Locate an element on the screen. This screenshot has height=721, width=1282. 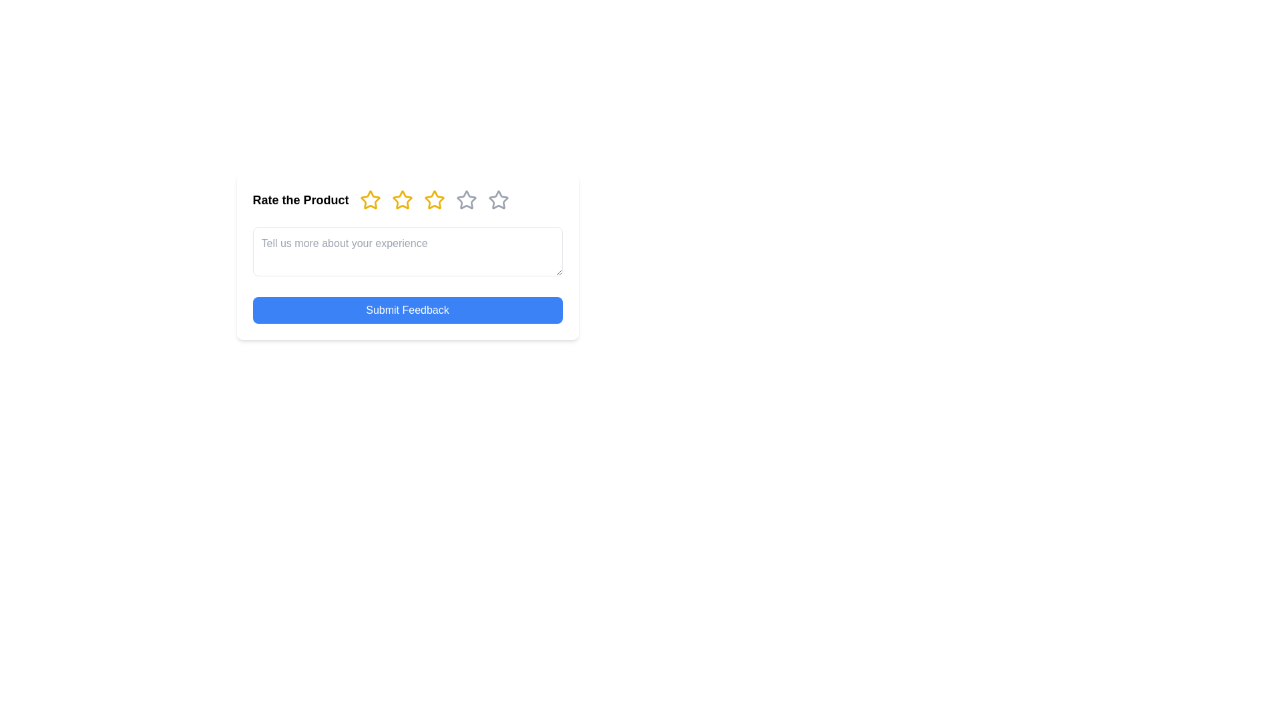
the fifth Rating Star Icon is located at coordinates (497, 200).